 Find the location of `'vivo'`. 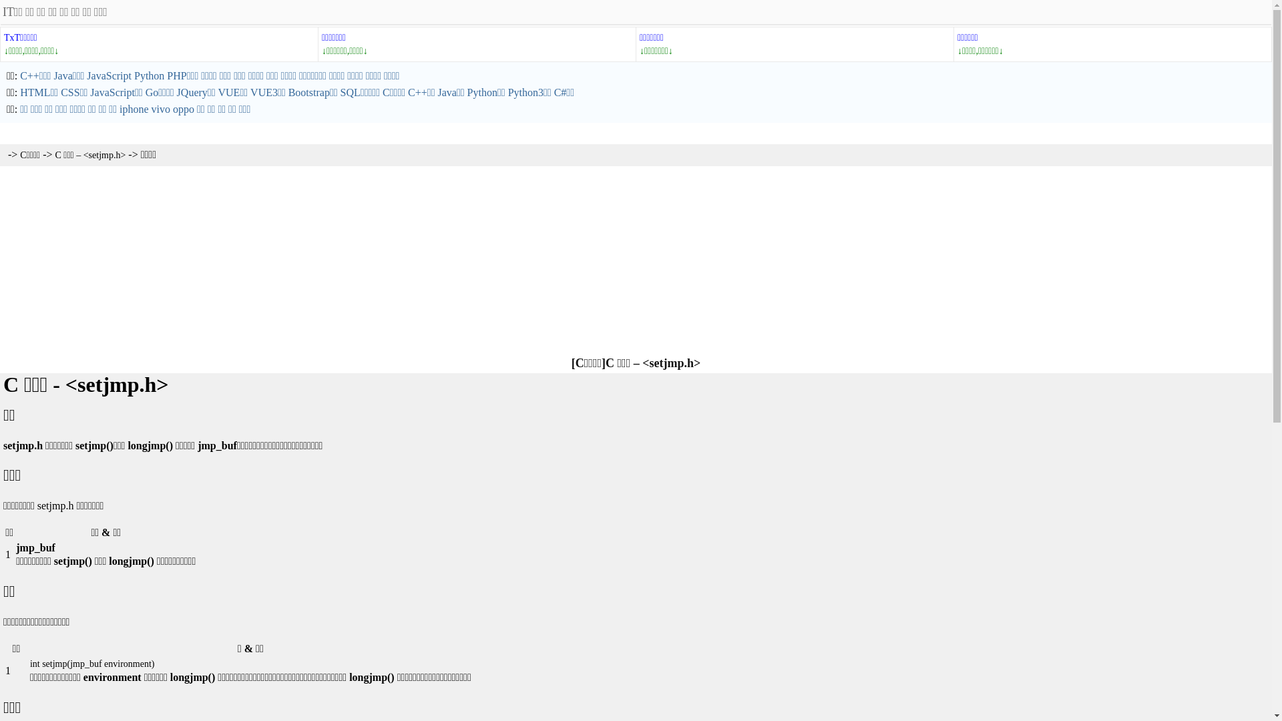

'vivo' is located at coordinates (160, 108).